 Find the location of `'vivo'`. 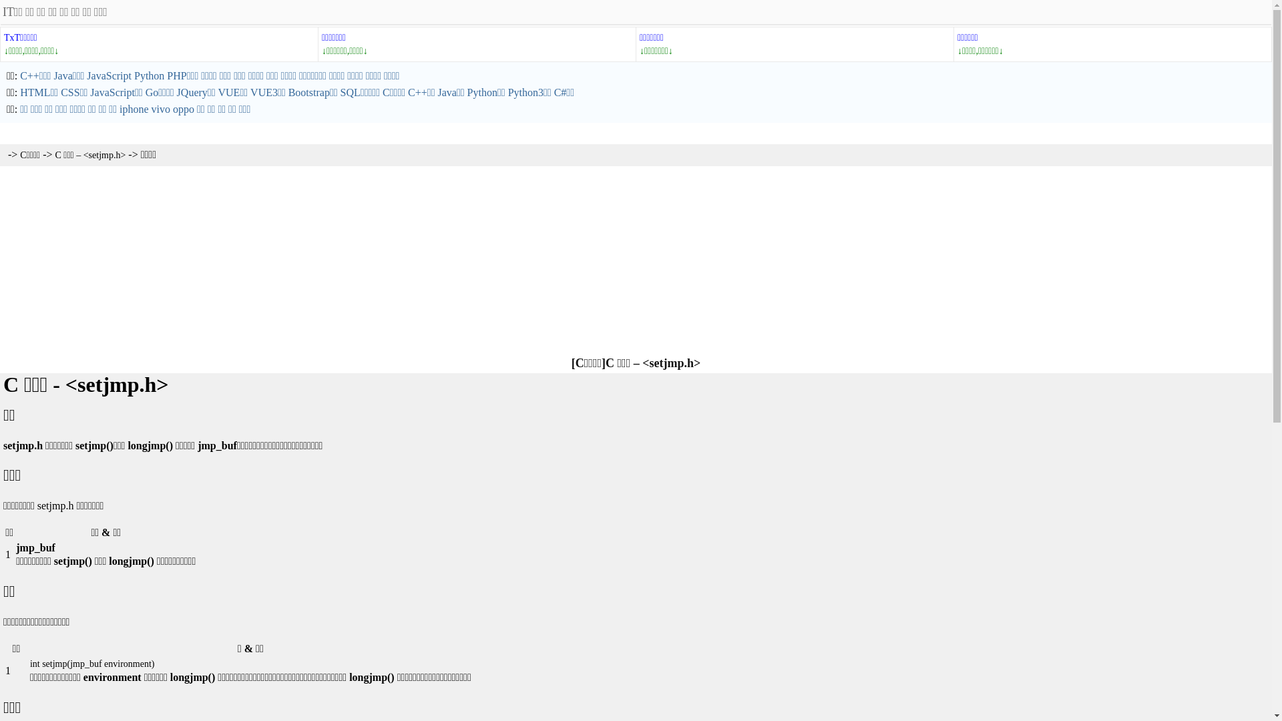

'vivo' is located at coordinates (160, 108).